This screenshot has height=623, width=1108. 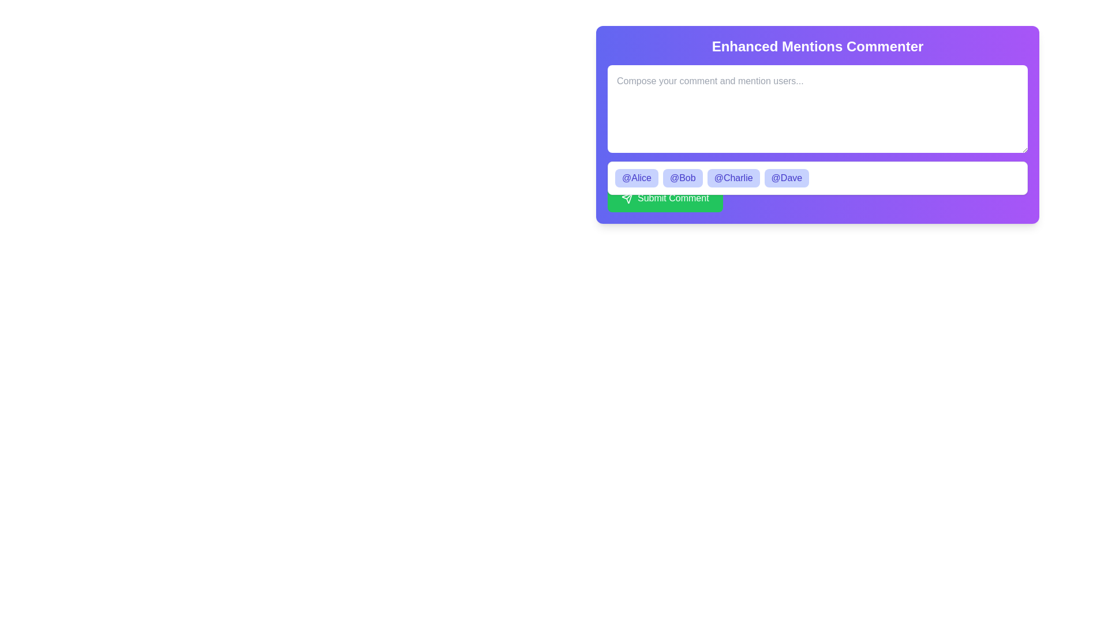 What do you see at coordinates (614, 173) in the screenshot?
I see `the circular smiley face icon located in the top-left corner of the group displaying the text 'You can mention team members in your comment.'` at bounding box center [614, 173].